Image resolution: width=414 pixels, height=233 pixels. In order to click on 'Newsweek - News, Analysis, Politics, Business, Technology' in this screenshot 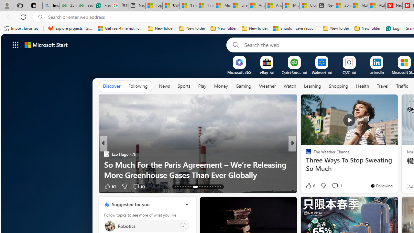, I will do `click(393, 6)`.